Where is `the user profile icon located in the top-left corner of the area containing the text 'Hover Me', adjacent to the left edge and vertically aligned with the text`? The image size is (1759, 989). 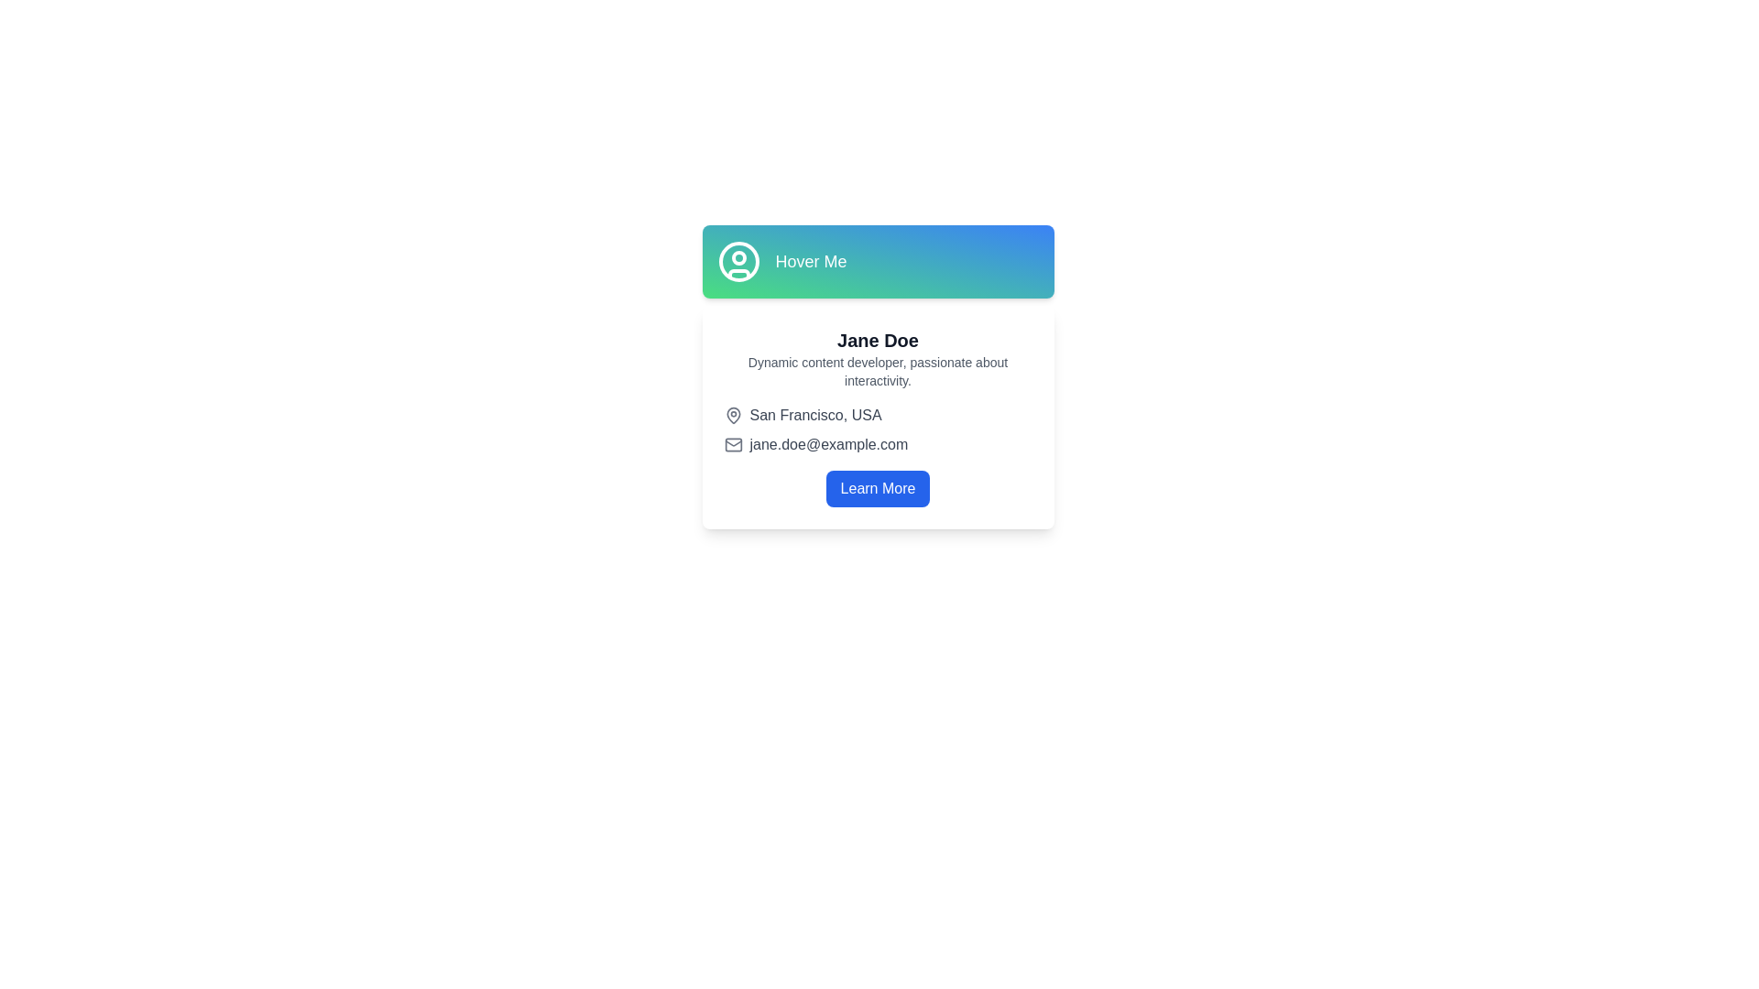 the user profile icon located in the top-left corner of the area containing the text 'Hover Me', adjacent to the left edge and vertically aligned with the text is located at coordinates (738, 261).